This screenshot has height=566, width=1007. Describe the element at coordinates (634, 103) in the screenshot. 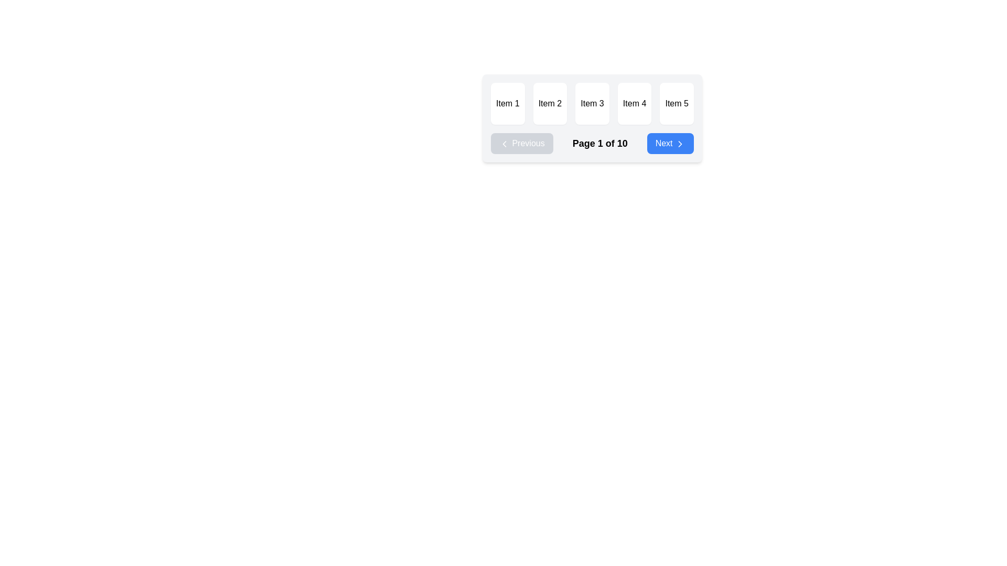

I see `the button-like grid item labeled 'Item 4'` at that location.